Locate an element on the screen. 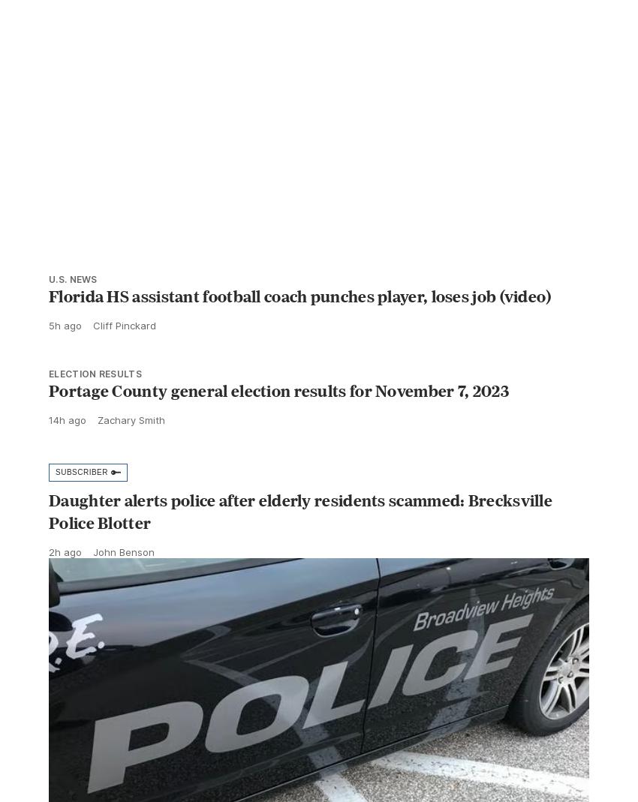 The image size is (638, 802). 'Subscriber' is located at coordinates (80, 504).